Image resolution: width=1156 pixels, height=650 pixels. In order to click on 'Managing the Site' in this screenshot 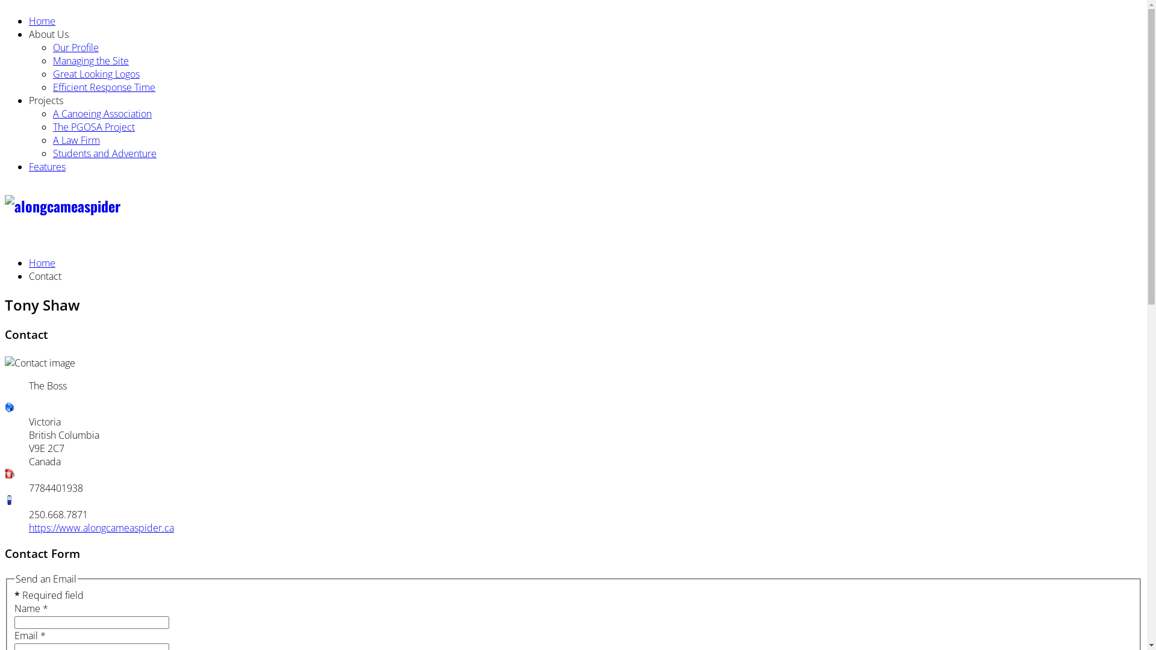, I will do `click(90, 60)`.